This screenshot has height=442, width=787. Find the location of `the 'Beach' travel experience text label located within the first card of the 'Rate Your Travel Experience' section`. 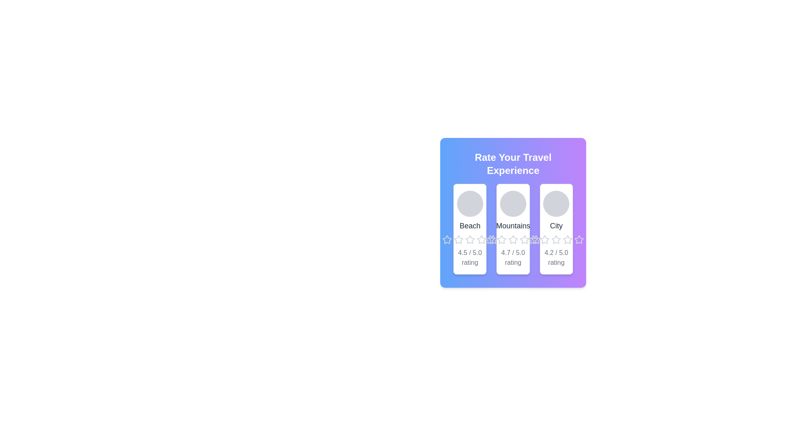

the 'Beach' travel experience text label located within the first card of the 'Rate Your Travel Experience' section is located at coordinates (470, 226).